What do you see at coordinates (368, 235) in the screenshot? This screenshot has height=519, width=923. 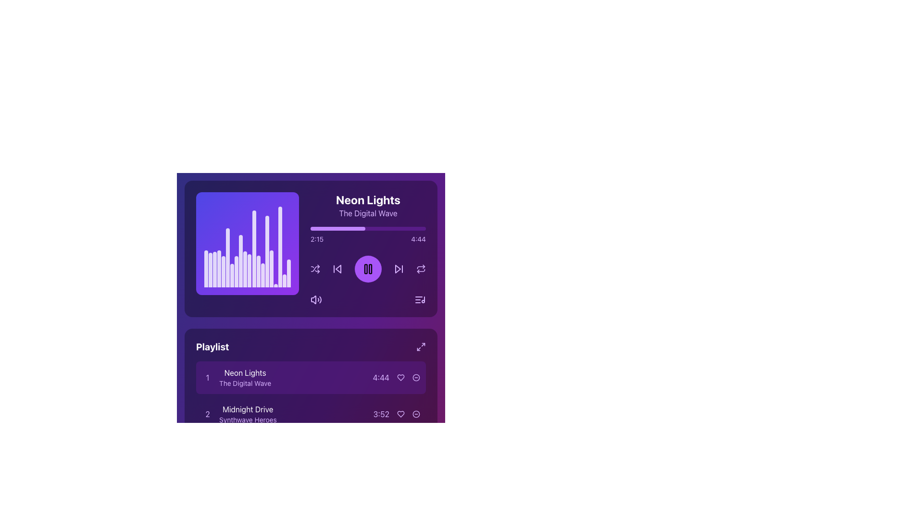 I see `the Progress Bar located beneath the titles 'Neon Lights' and 'The Digital Wave'` at bounding box center [368, 235].